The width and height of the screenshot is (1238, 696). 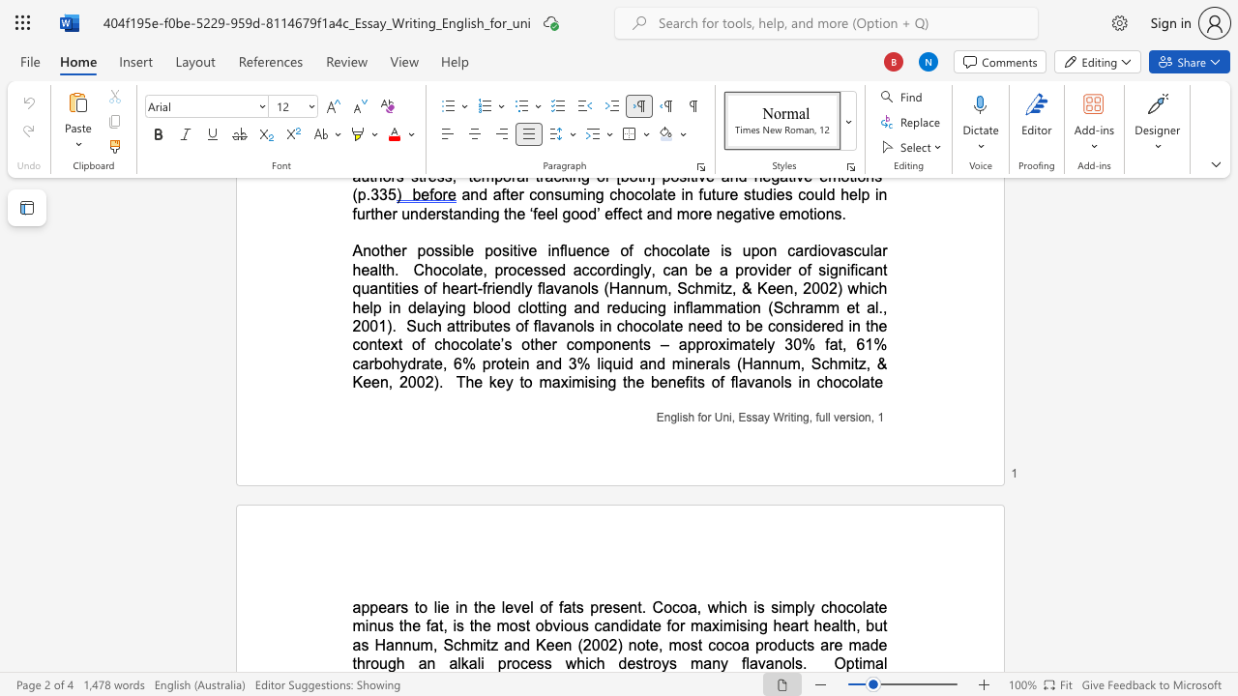 I want to click on the 6th character "r" in the text, so click(x=831, y=645).